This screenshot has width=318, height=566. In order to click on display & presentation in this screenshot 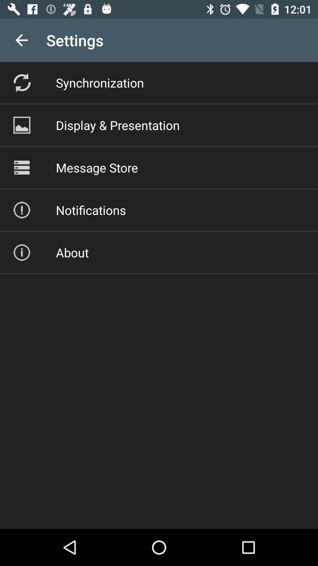, I will do `click(118, 125)`.